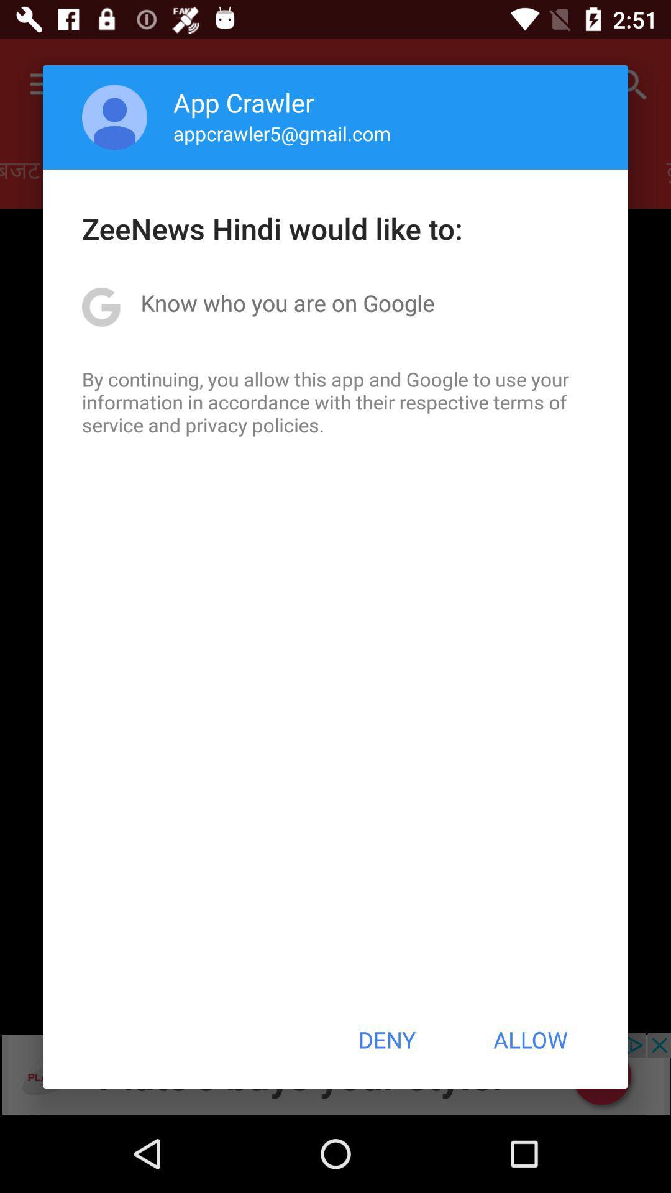 This screenshot has width=671, height=1193. What do you see at coordinates (386, 1040) in the screenshot?
I see `the icon at the bottom` at bounding box center [386, 1040].